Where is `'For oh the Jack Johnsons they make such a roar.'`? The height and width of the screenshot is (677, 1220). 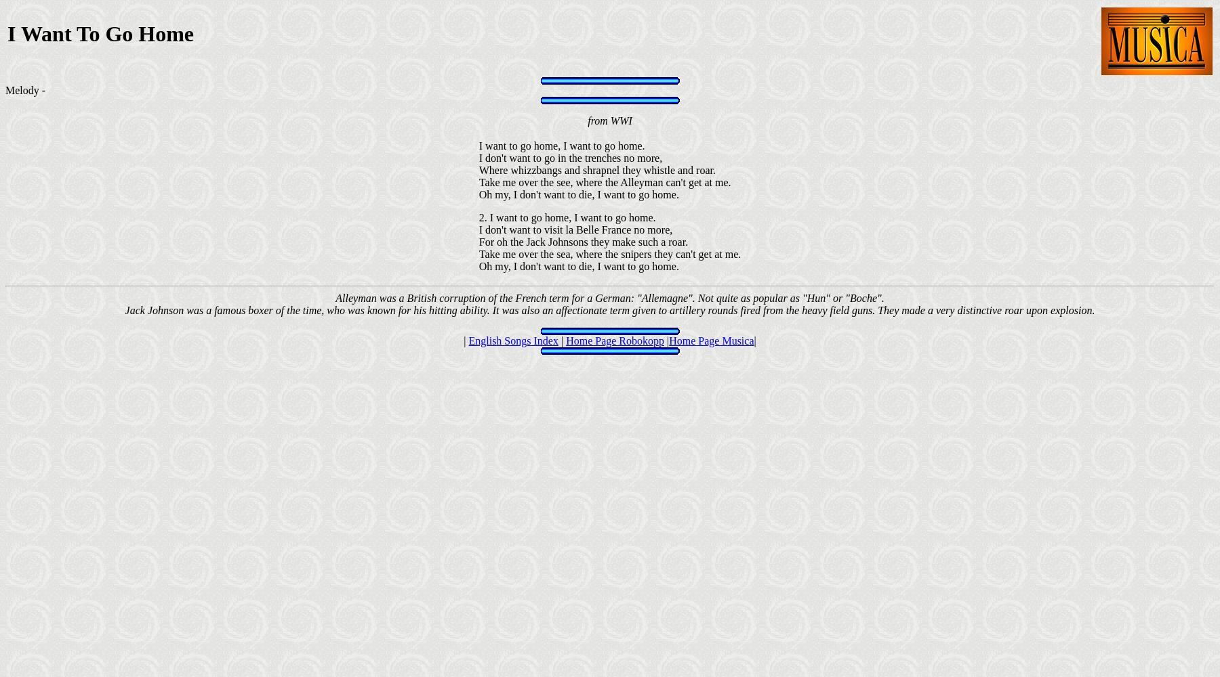
'For oh the Jack Johnsons they make such a roar.' is located at coordinates (583, 241).